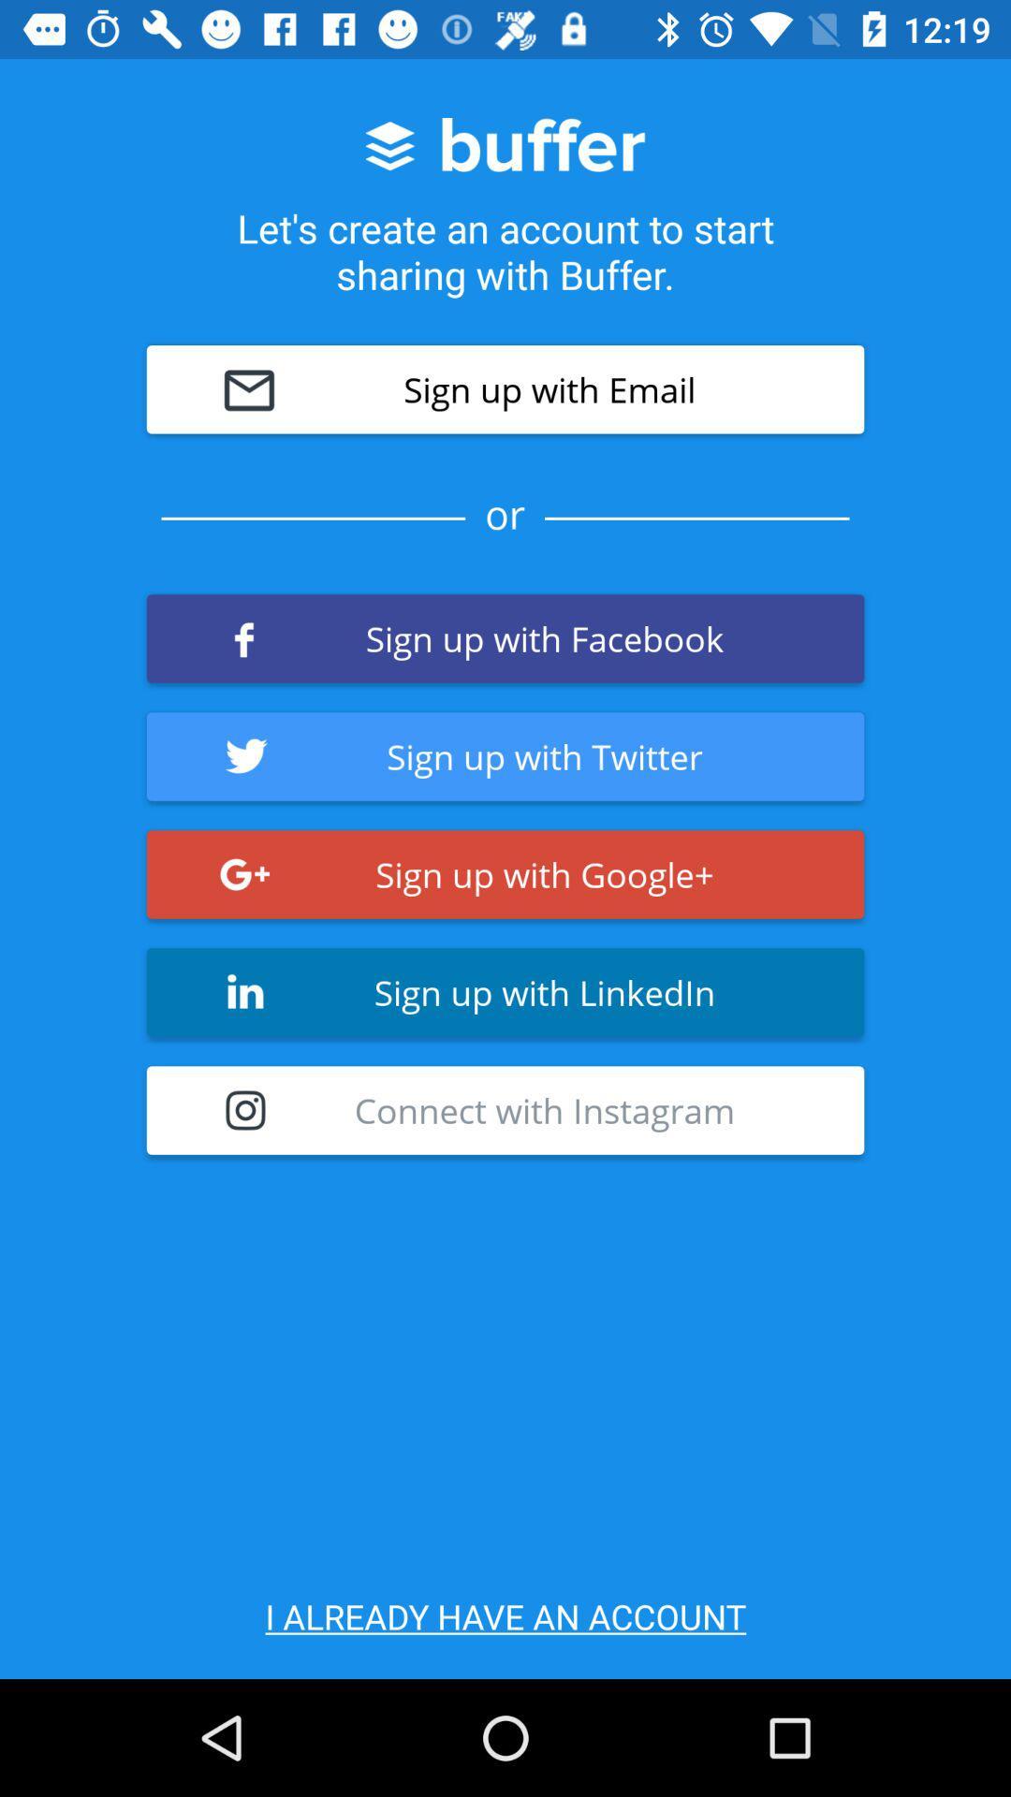 The width and height of the screenshot is (1011, 1797). What do you see at coordinates (505, 1615) in the screenshot?
I see `icon below connect with instagram item` at bounding box center [505, 1615].